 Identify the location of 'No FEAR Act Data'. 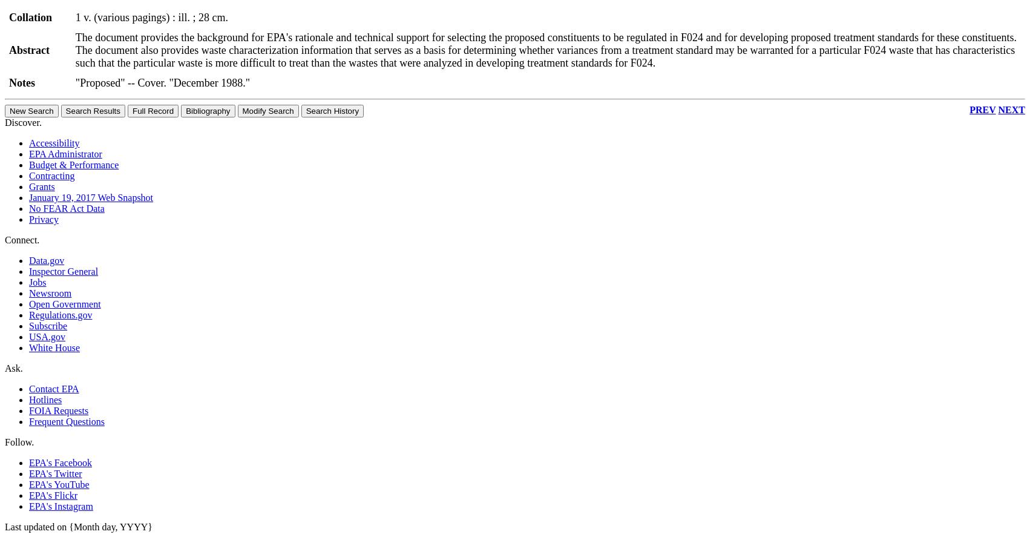
(66, 207).